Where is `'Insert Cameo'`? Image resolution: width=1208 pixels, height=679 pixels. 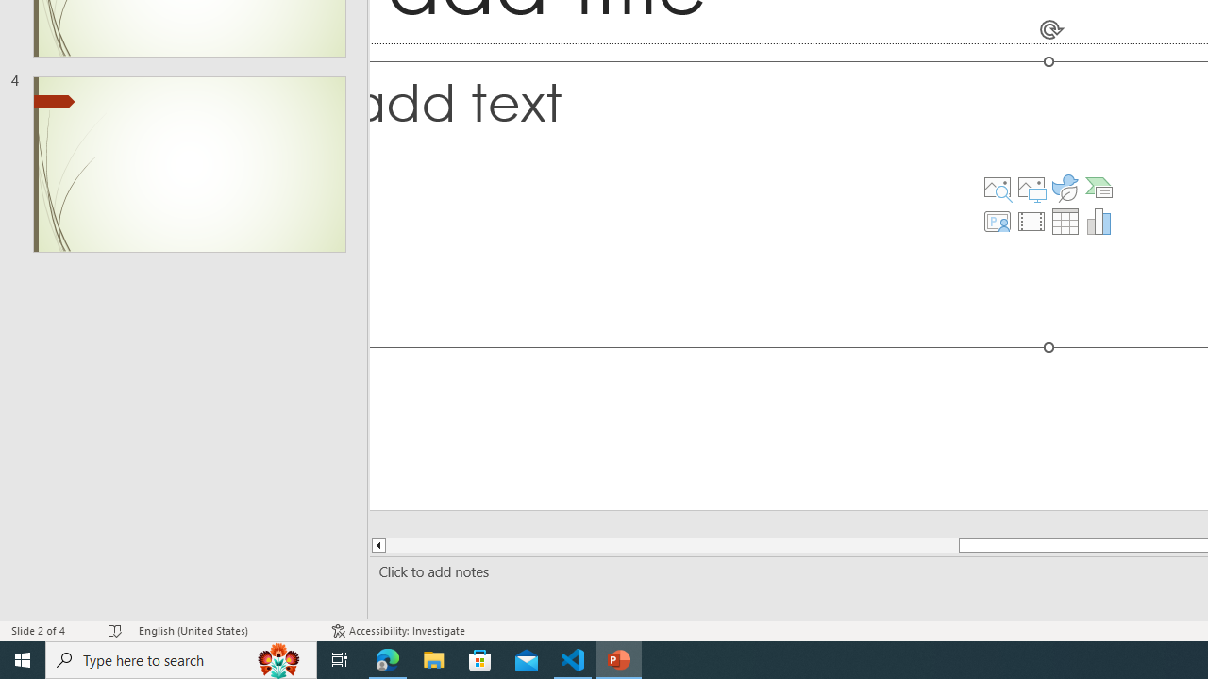
'Insert Cameo' is located at coordinates (996, 221).